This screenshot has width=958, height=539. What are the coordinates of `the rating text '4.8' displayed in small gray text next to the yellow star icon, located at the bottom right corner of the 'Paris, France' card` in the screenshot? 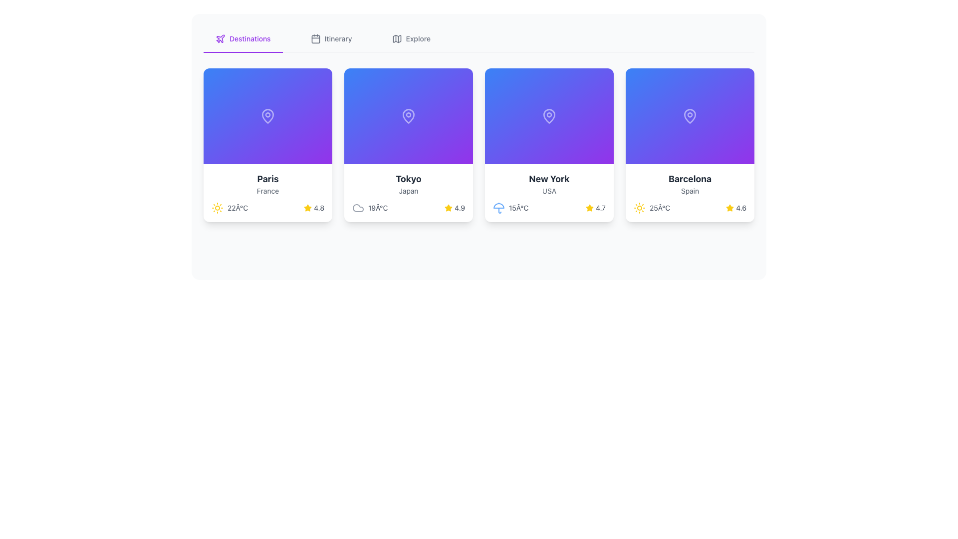 It's located at (318, 207).